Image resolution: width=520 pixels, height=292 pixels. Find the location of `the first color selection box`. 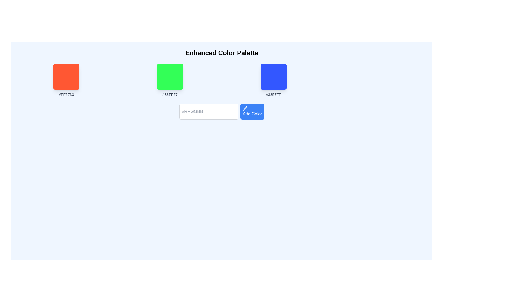

the first color selection box is located at coordinates (66, 77).